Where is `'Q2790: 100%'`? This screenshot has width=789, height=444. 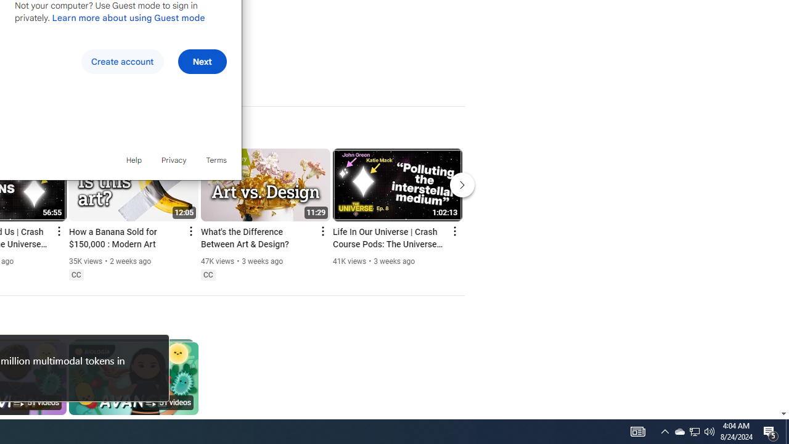 'Q2790: 100%' is located at coordinates (709, 430).